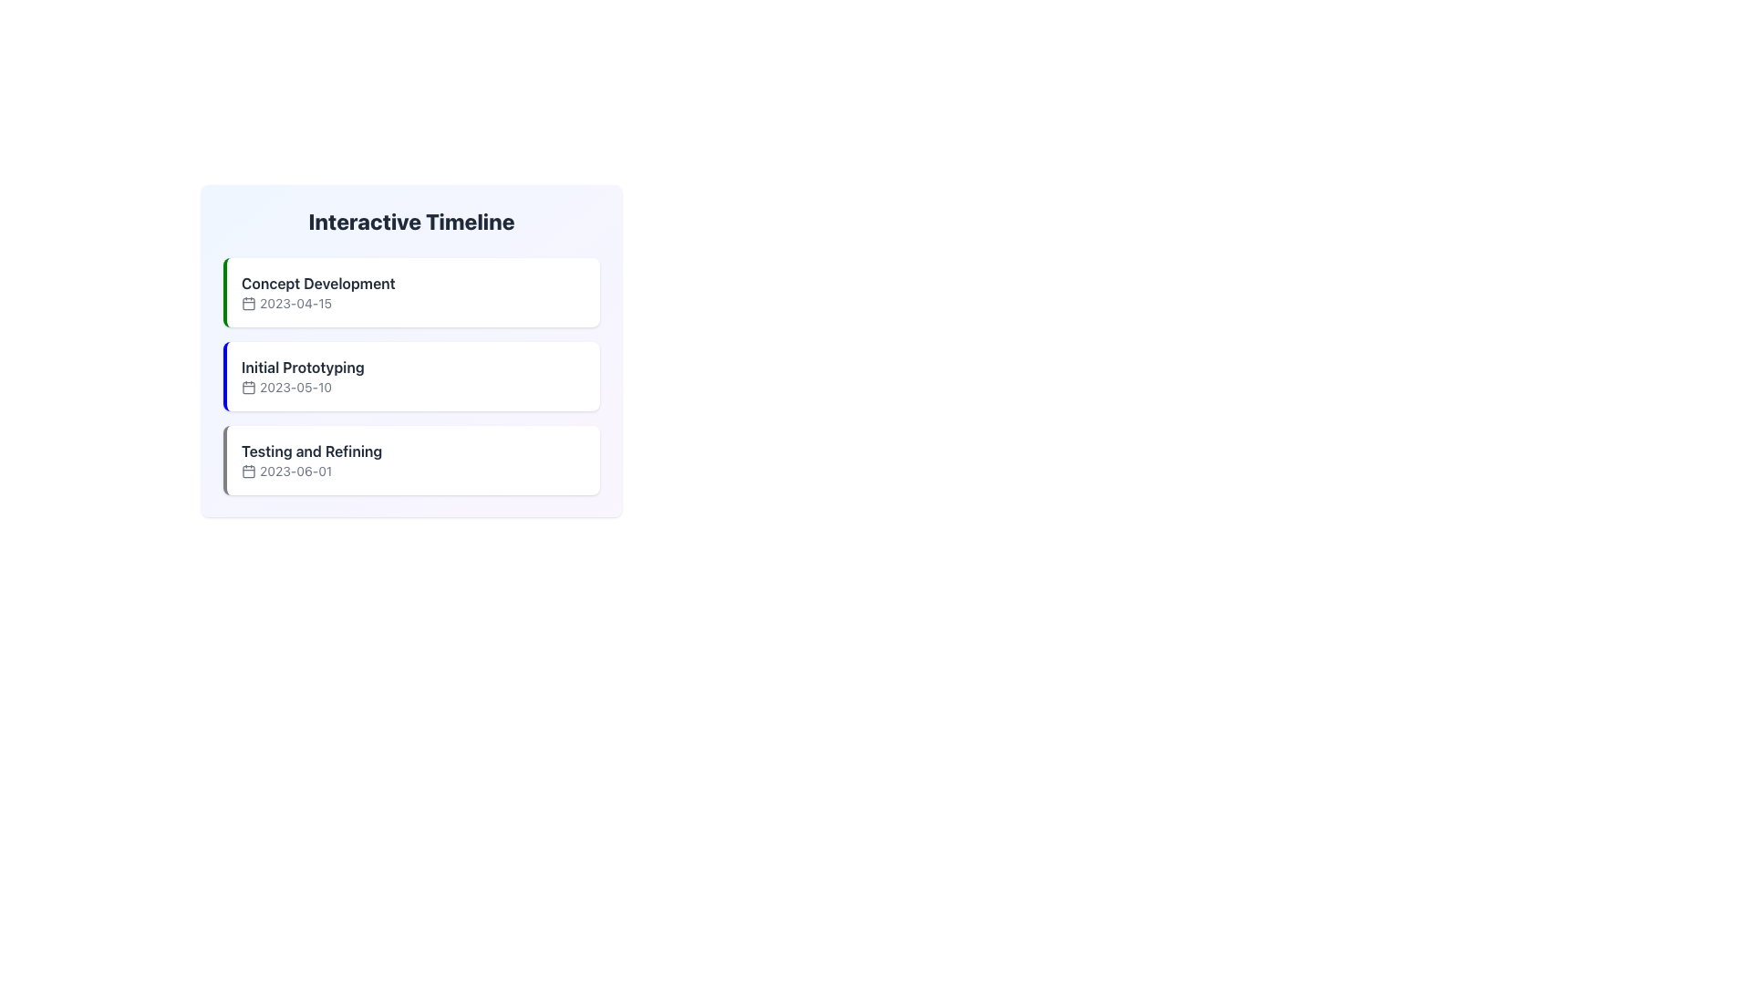 This screenshot has height=985, width=1751. Describe the element at coordinates (302, 375) in the screenshot. I see `to select the timeline entry labeled 'Initial Prototyping' which includes a bold title and a date below it, along with a calendar icon to the left` at that location.